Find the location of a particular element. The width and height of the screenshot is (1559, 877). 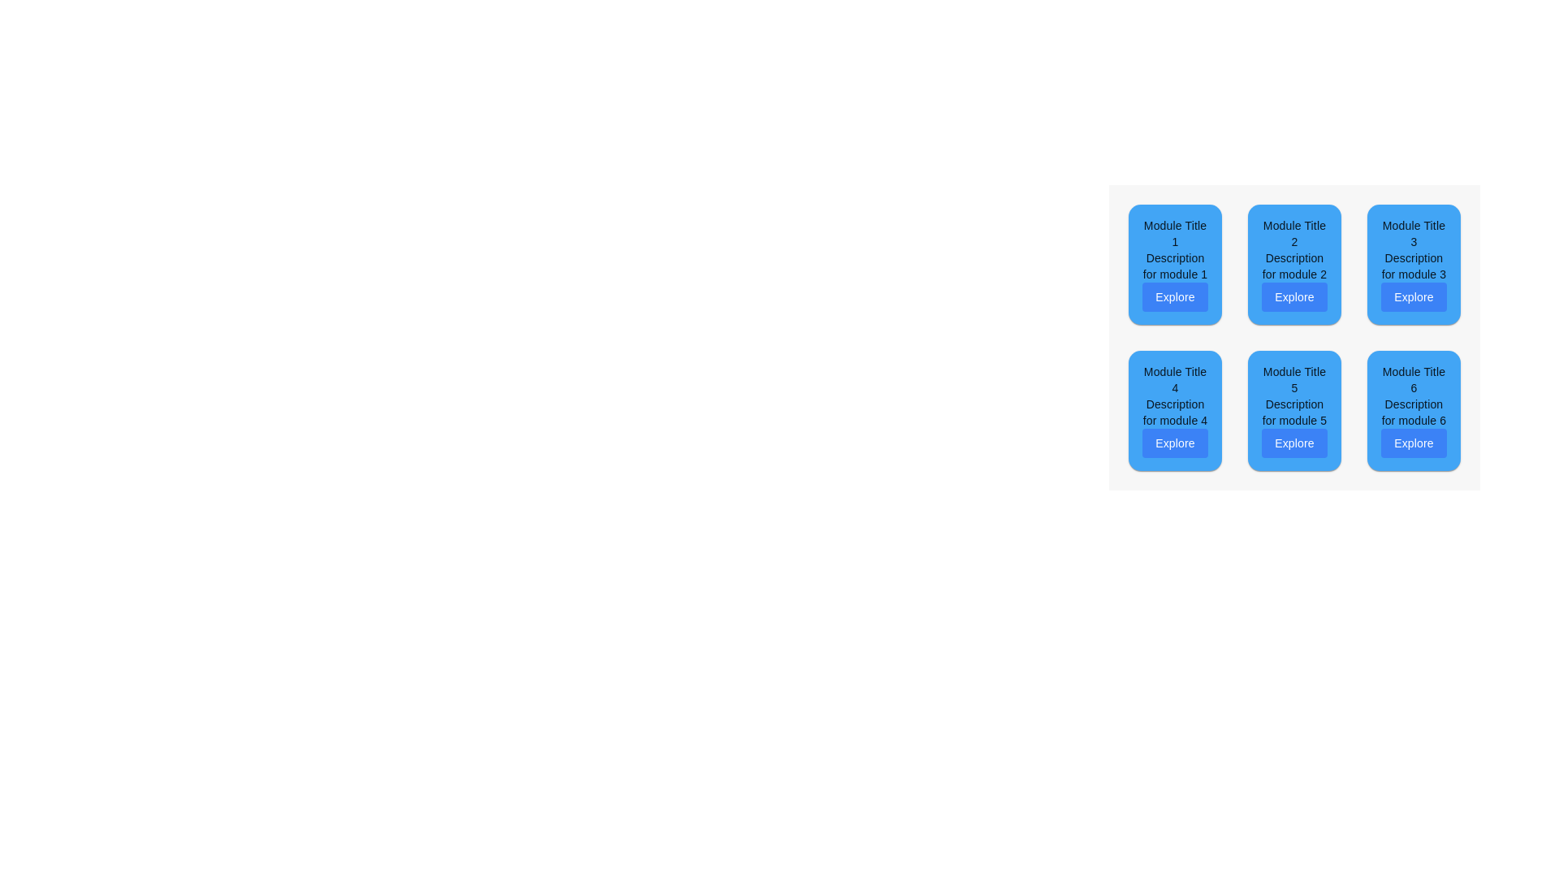

the static text element that serves as the title indicator for the first card in the second row of a 2x3 grid is located at coordinates (1175, 380).